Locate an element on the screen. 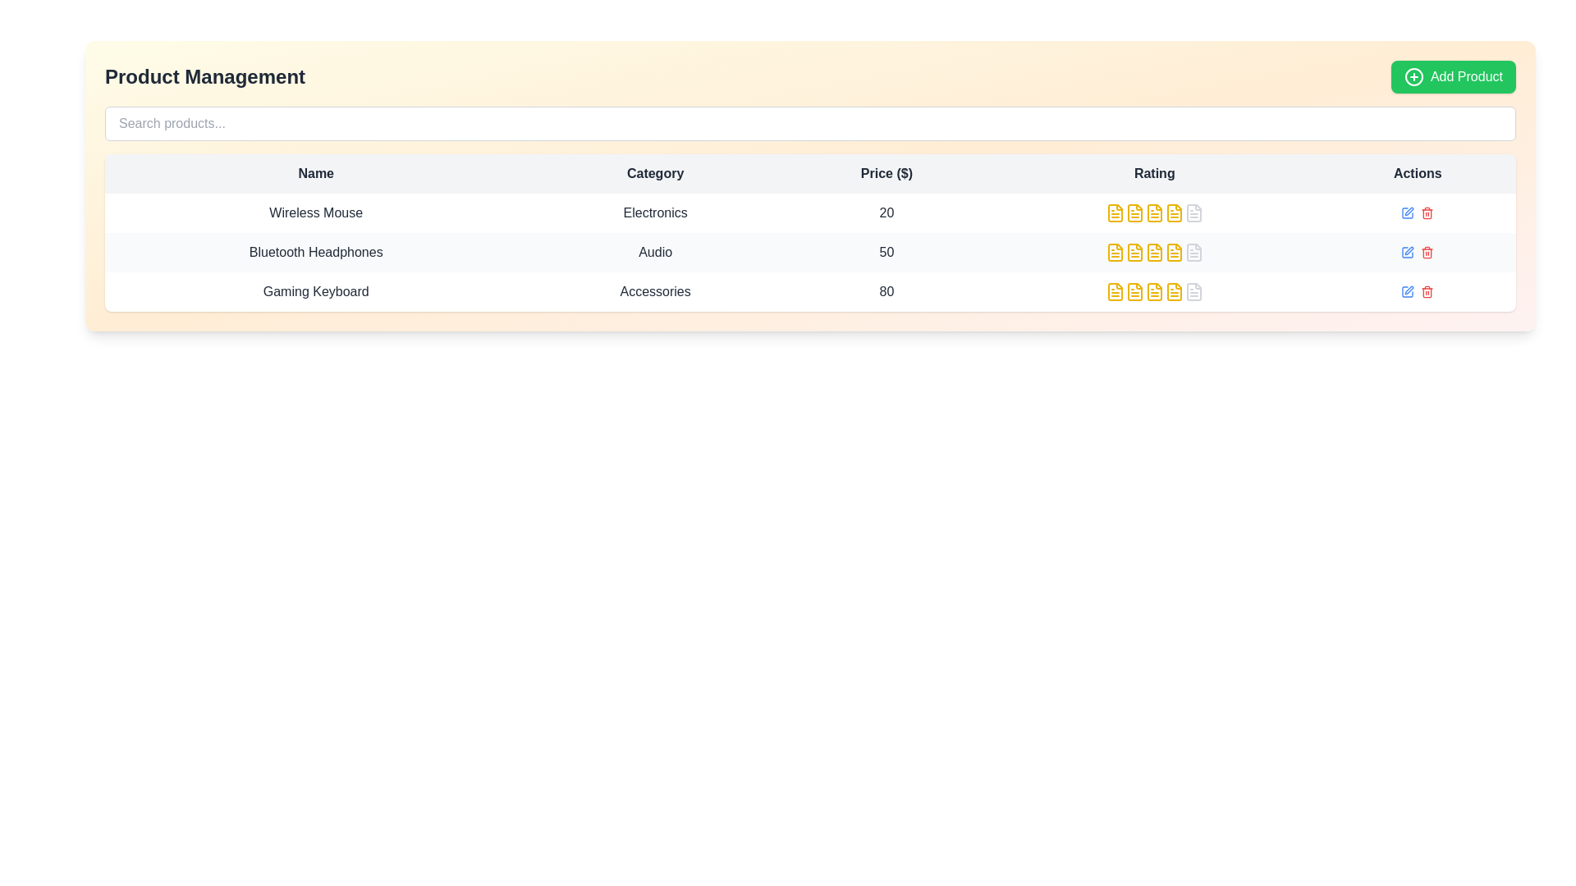  the Display icon, which resembles a gray document or file, located in the rating column of the middle row beneath the 'Bluetooth Headphones' entry is located at coordinates (1193, 253).